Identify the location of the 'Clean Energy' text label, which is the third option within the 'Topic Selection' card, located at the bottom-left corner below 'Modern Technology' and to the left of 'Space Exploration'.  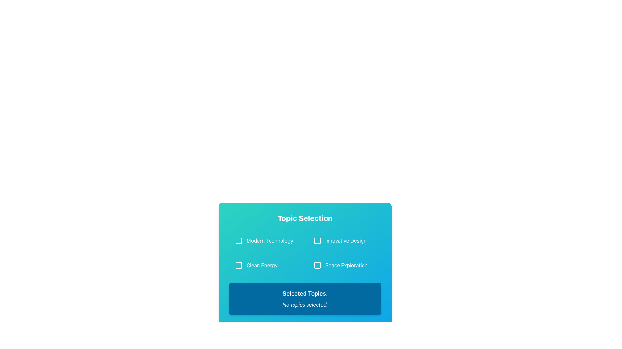
(262, 265).